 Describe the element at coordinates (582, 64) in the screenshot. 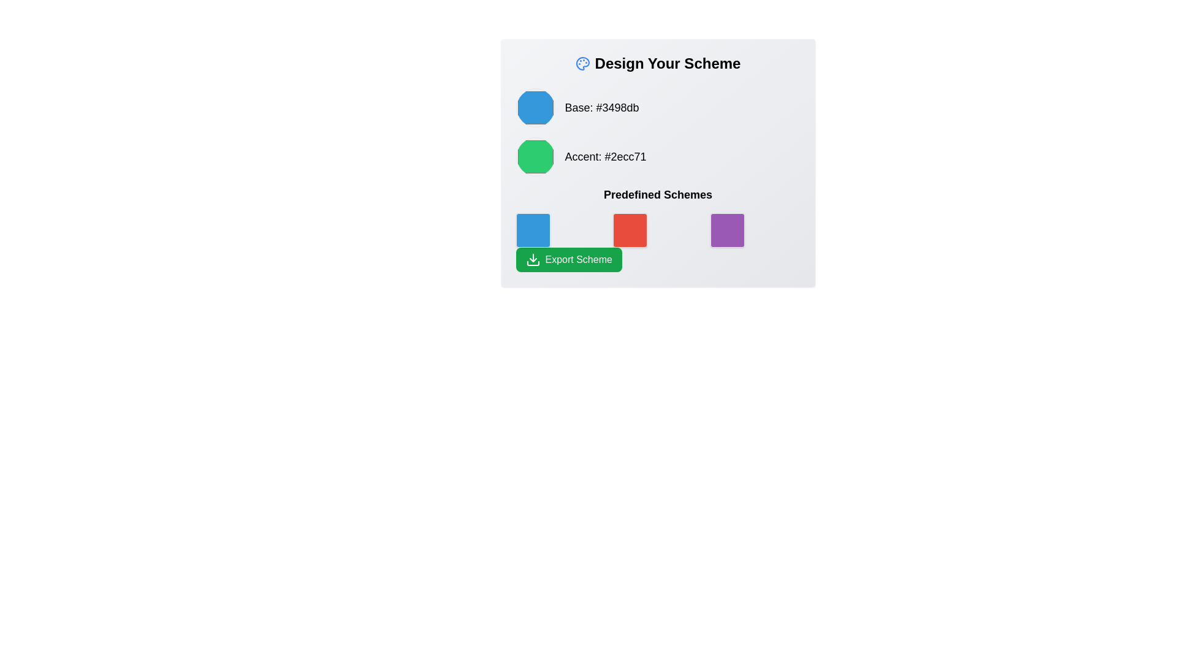

I see `the blue-colored palette icon with paint droplets, located to the left of the 'Design Your Scheme' header` at that location.